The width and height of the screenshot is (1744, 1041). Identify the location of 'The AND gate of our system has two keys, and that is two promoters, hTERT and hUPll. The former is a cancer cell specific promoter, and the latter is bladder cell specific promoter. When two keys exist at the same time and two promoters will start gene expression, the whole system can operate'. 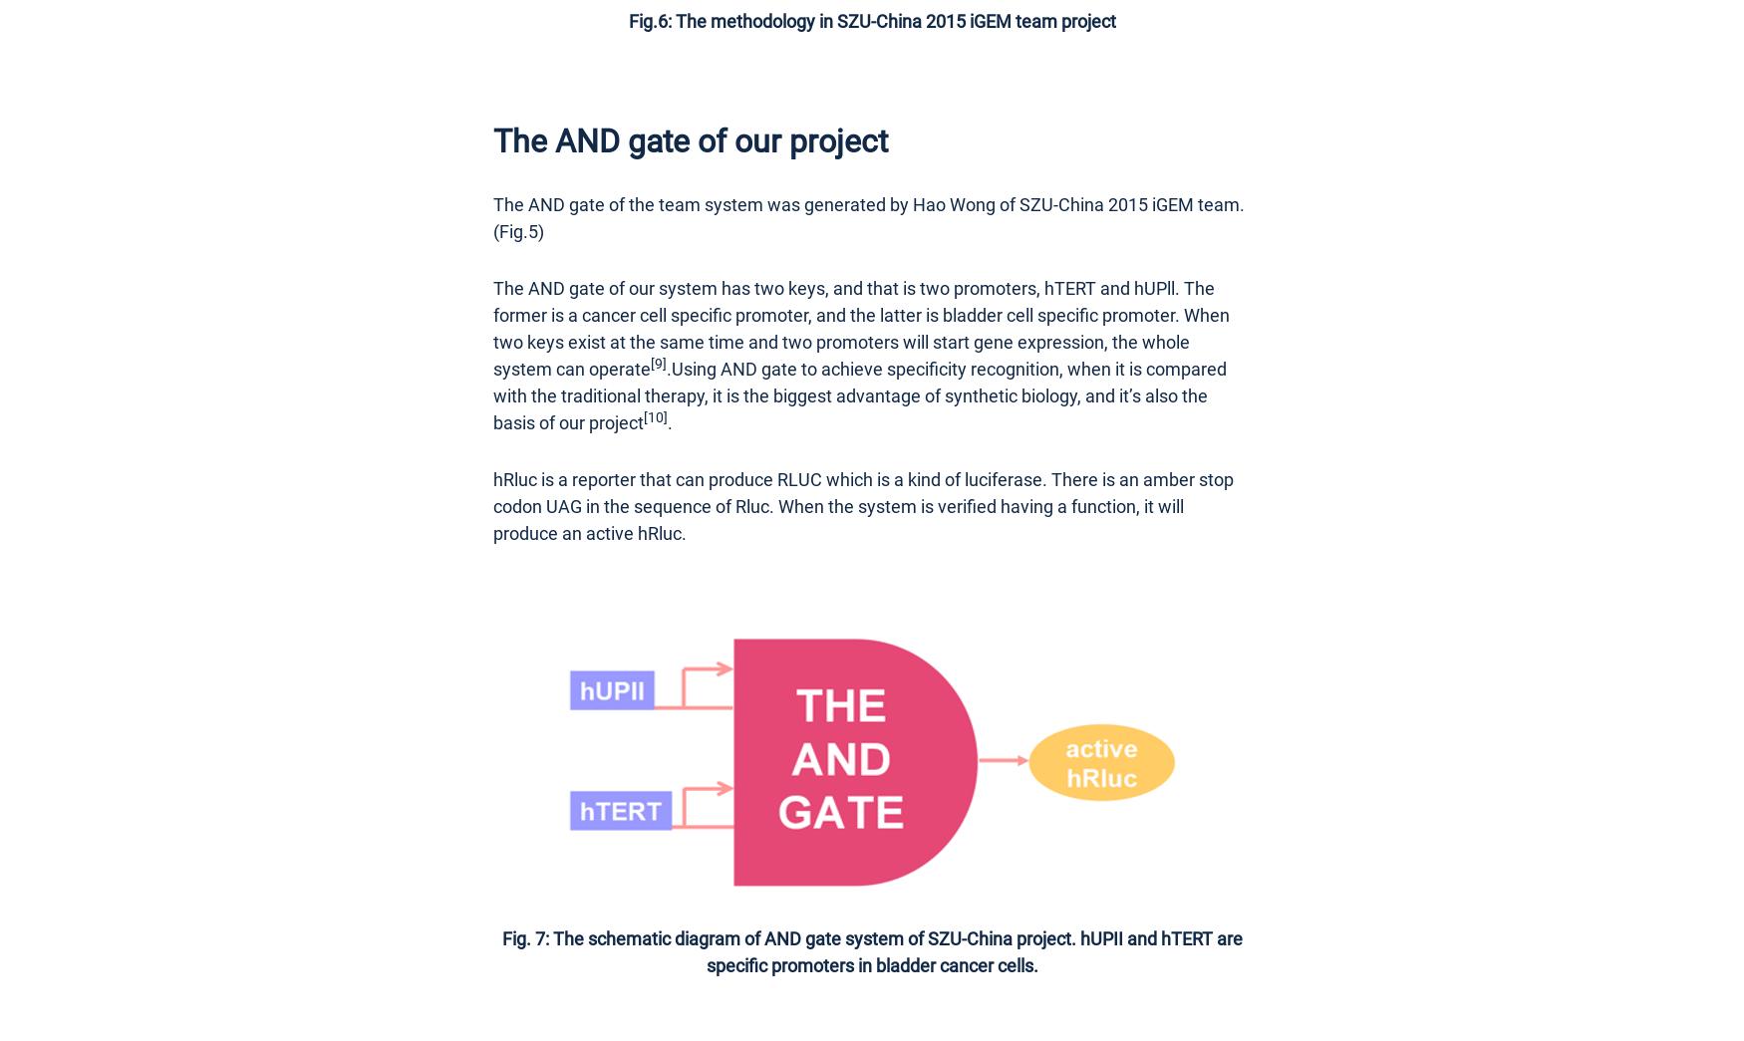
(861, 327).